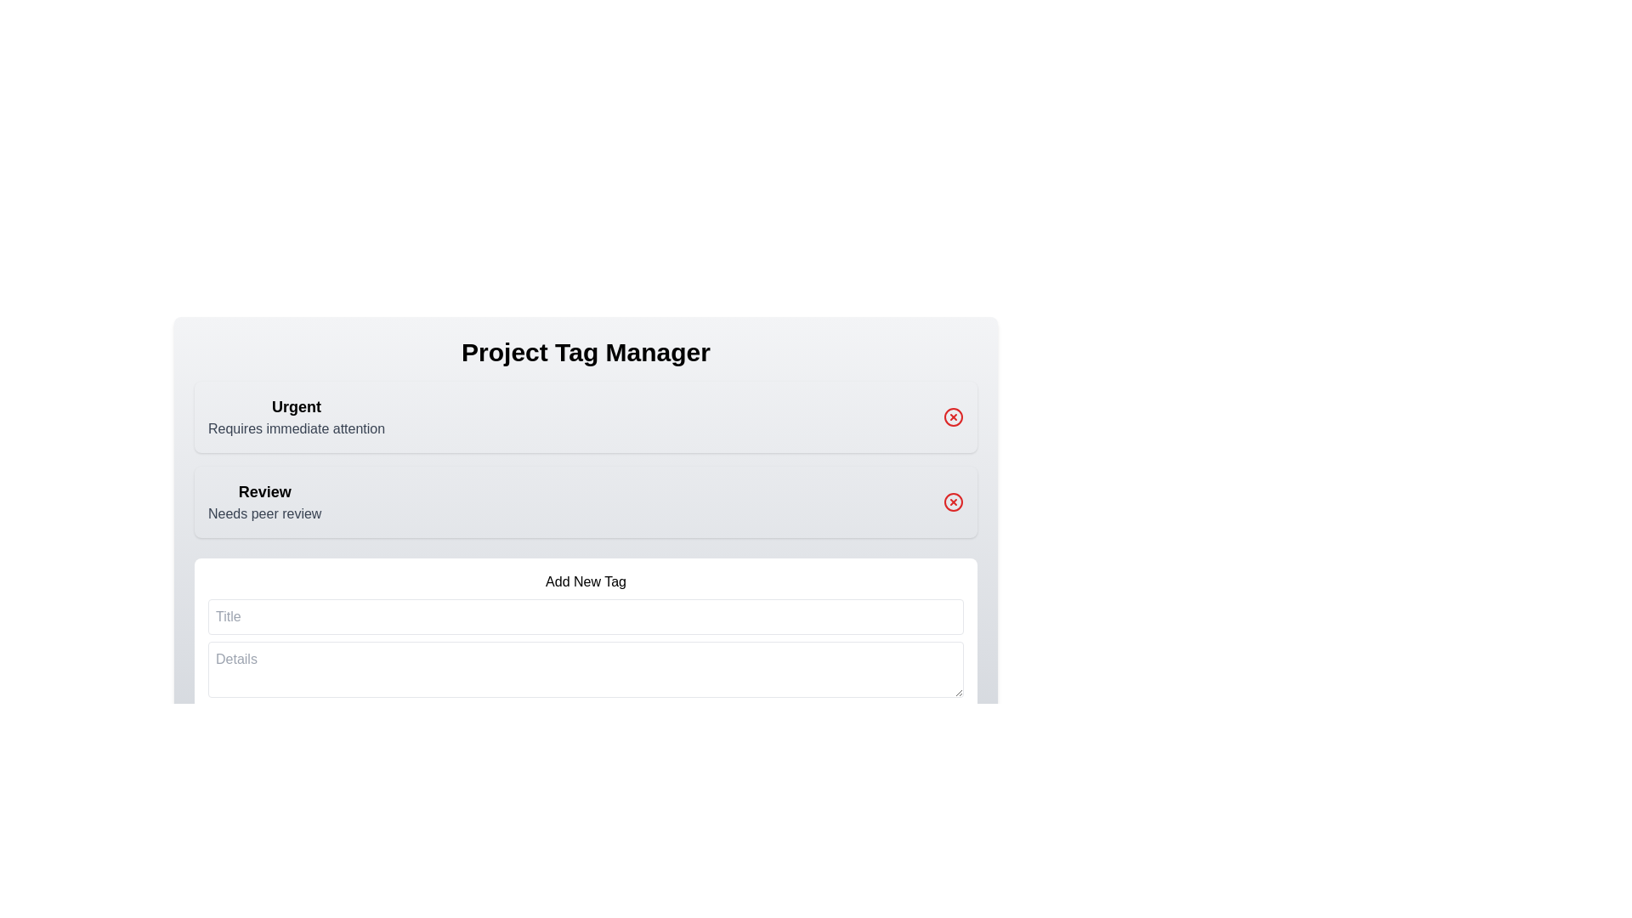 The height and width of the screenshot is (918, 1632). What do you see at coordinates (231, 734) in the screenshot?
I see `the Circular SVG graphical element that visually represents a '+' symbol, located below the 'Add New Tag' area in the bottom-left corner of the interface` at bounding box center [231, 734].